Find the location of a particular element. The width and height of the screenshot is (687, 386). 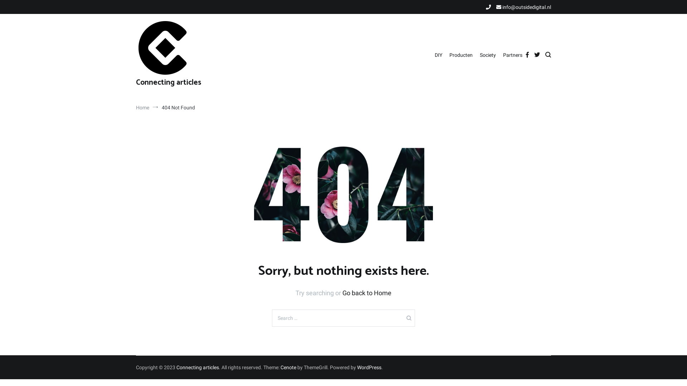

'Society' is located at coordinates (487, 55).